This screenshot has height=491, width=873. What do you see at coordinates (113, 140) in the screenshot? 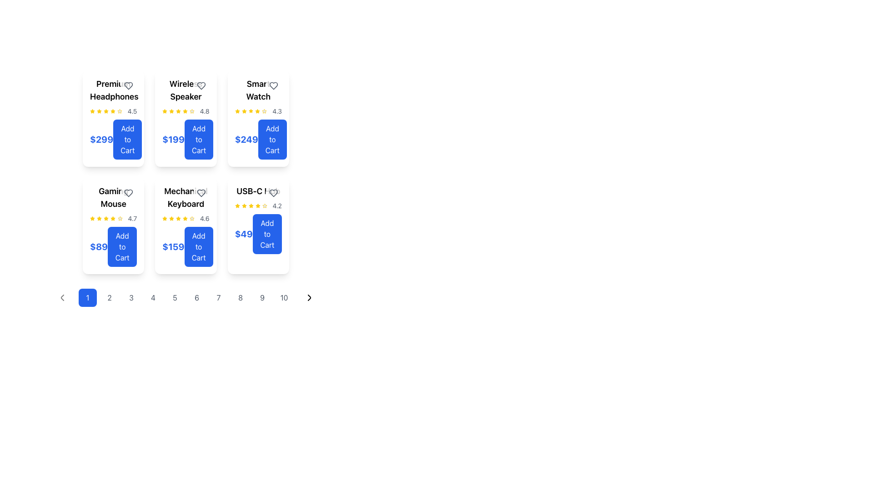
I see `the 'Add to Cart' button in the product information grid below 'Premium Headphones' to change its shade` at bounding box center [113, 140].